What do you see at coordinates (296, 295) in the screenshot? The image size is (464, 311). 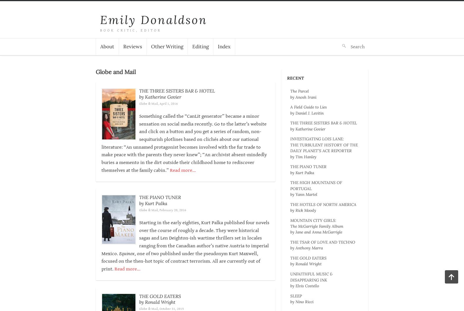 I see `'SLEEP'` at bounding box center [296, 295].